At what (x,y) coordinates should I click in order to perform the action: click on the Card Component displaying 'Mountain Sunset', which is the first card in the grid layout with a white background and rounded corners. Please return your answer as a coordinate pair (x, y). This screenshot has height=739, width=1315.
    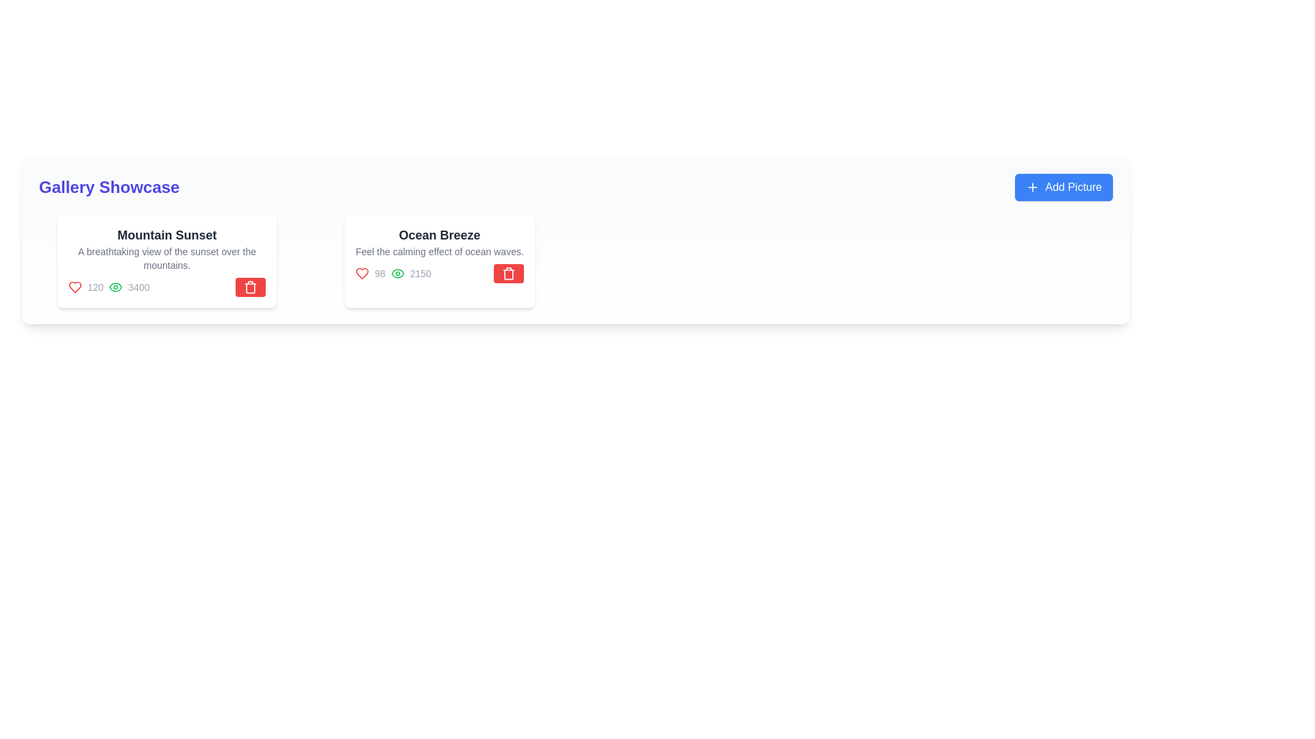
    Looking at the image, I should click on (166, 261).